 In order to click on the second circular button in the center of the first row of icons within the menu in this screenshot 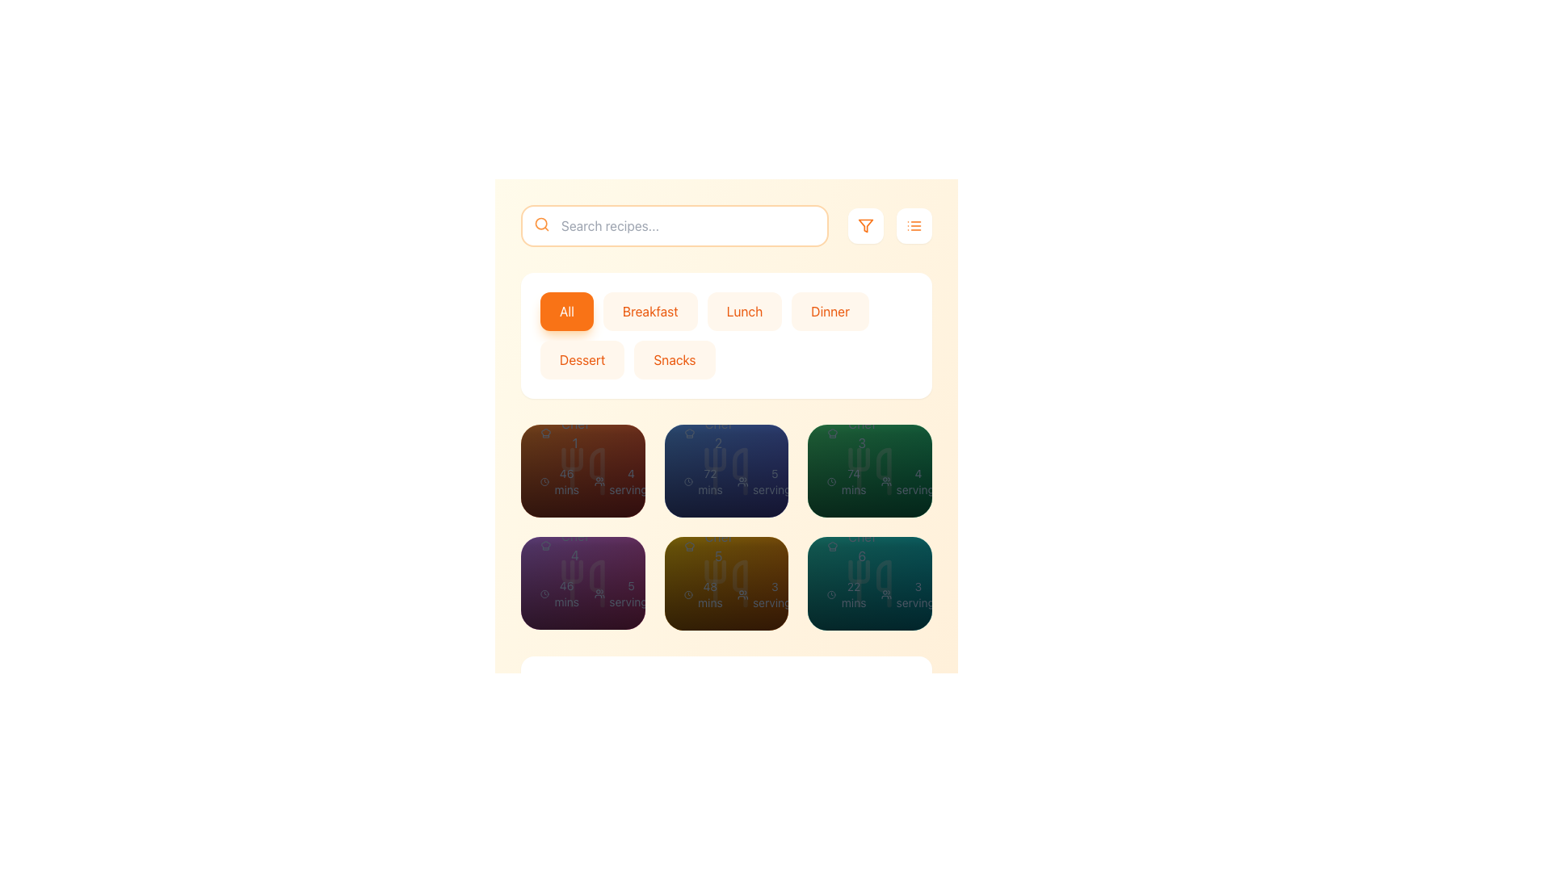, I will do `click(582, 471)`.